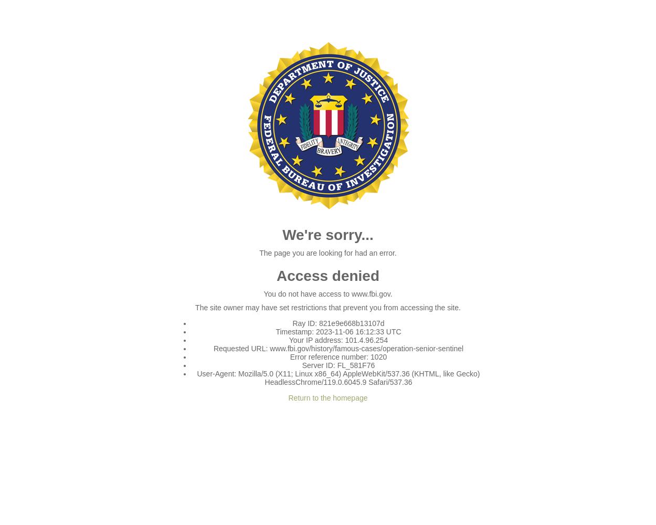 This screenshot has height=525, width=656. Describe the element at coordinates (327, 253) in the screenshot. I see `'The page you are looking for had an error.'` at that location.